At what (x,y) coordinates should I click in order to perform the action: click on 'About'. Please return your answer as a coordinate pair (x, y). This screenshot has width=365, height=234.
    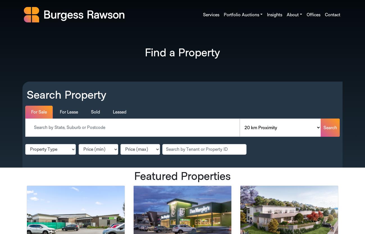
    Looking at the image, I should click on (286, 15).